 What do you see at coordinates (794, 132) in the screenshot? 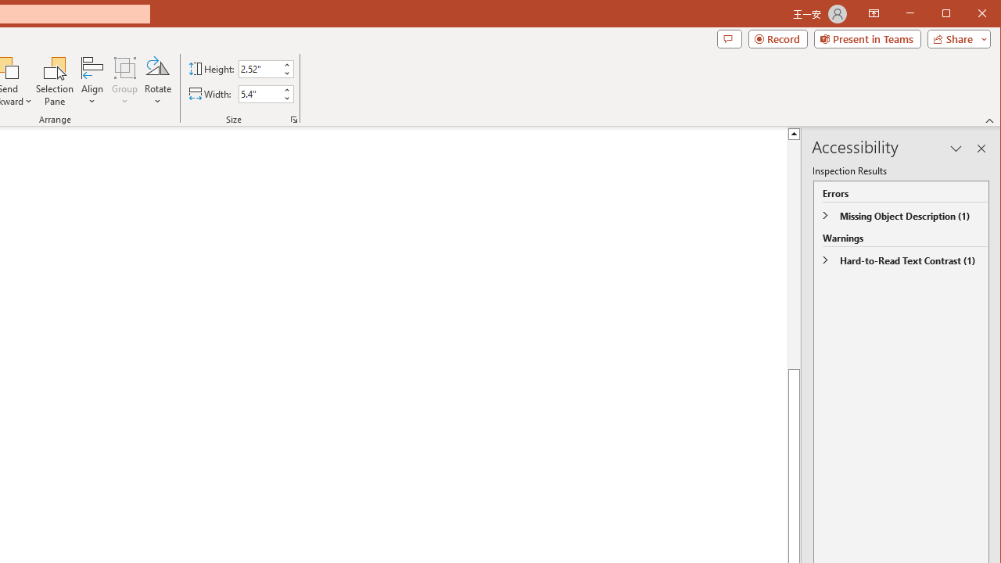
I see `'Line up'` at bounding box center [794, 132].